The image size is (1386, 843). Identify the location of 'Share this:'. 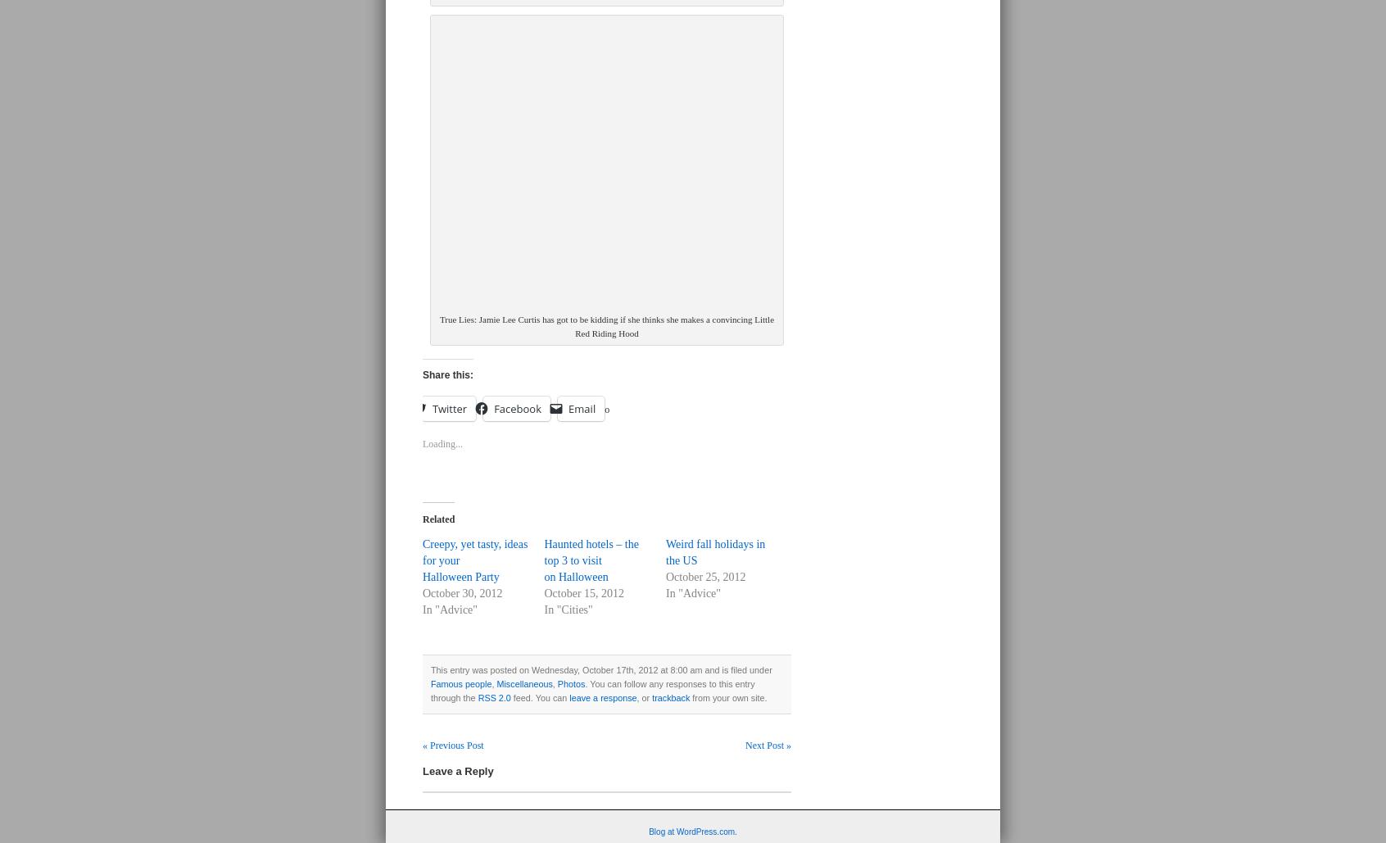
(423, 374).